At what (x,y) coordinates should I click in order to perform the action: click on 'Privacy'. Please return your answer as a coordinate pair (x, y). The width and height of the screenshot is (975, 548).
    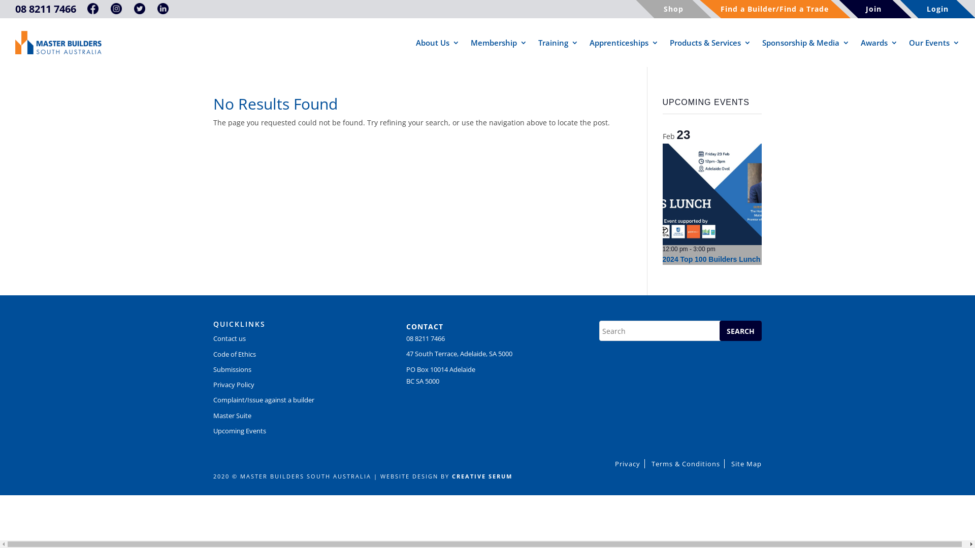
    Looking at the image, I should click on (627, 464).